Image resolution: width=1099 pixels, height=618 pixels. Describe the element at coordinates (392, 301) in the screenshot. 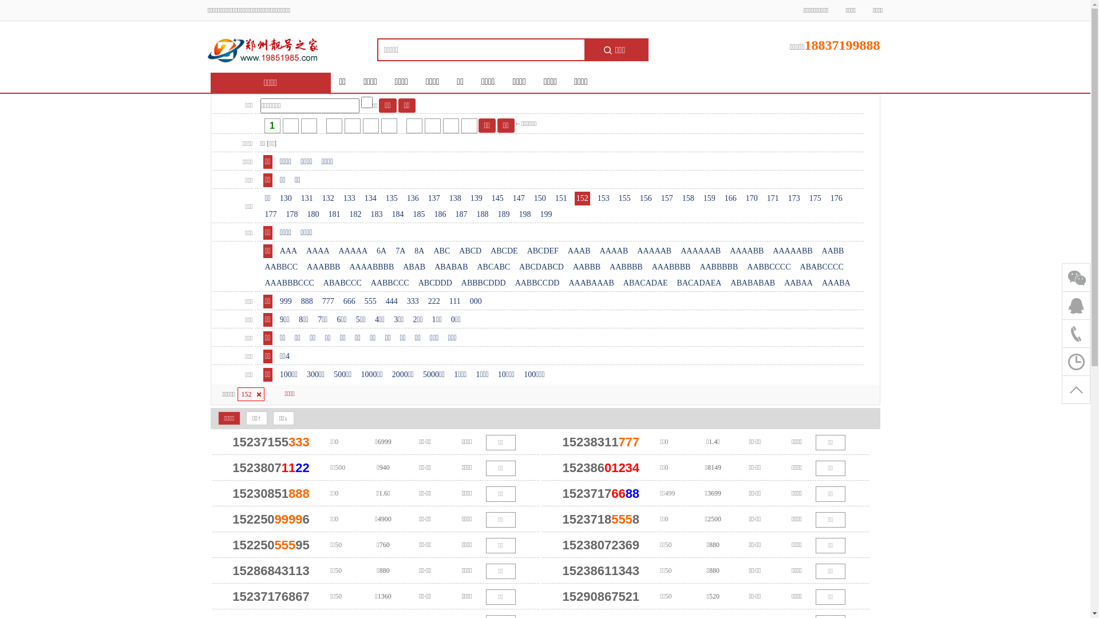

I see `'444'` at that location.